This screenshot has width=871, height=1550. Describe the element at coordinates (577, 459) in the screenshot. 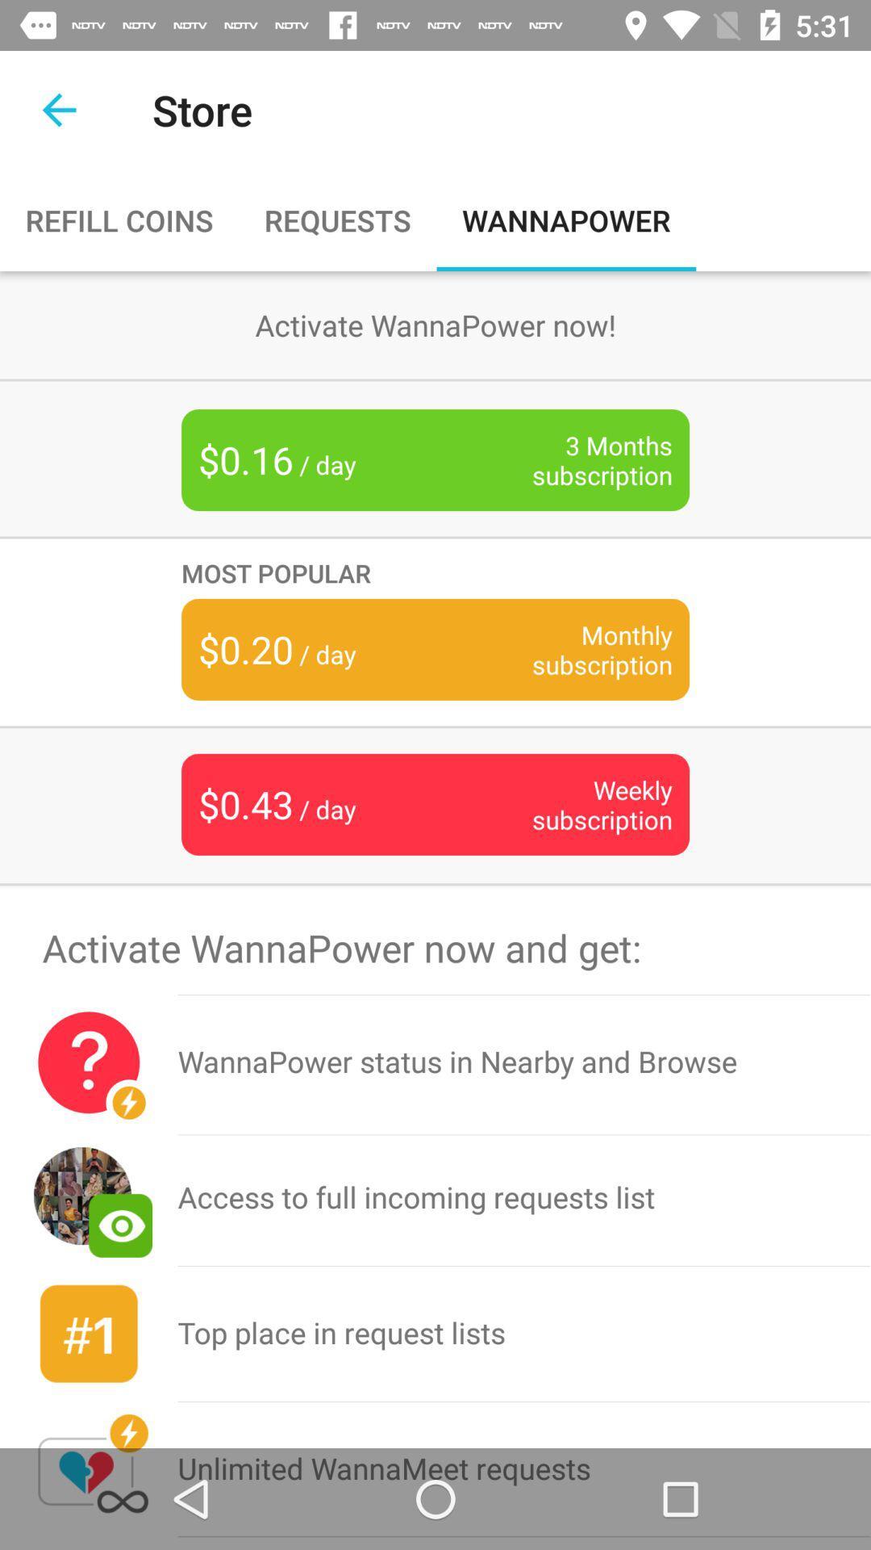

I see `the 3 months subscription item` at that location.